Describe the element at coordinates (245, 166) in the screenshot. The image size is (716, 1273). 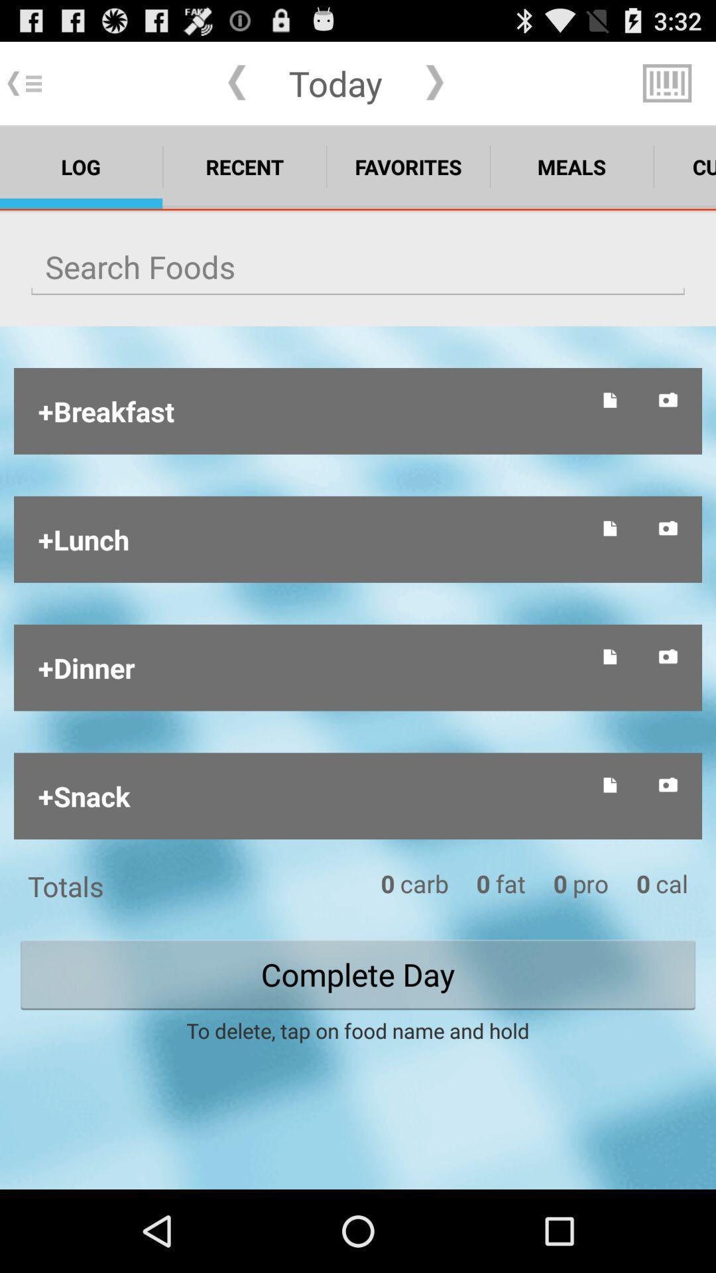
I see `recent which is in between log and favorites` at that location.